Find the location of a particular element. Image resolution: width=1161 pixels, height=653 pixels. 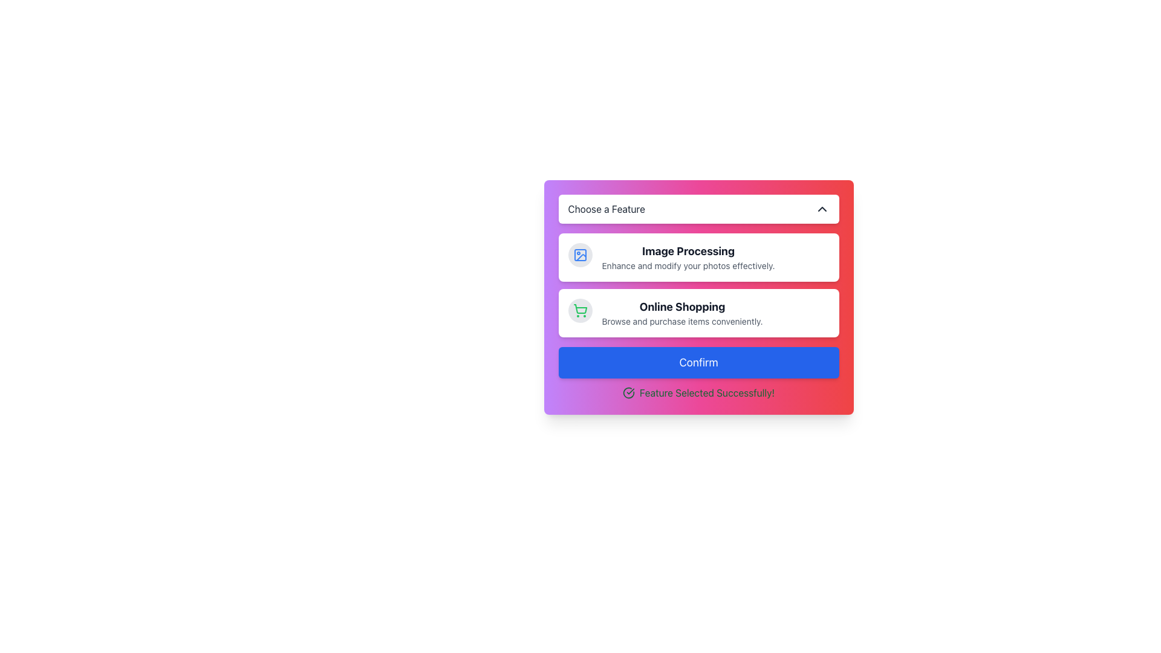

the static text element displaying 'Enhance and modify your photos effectively.' which is located below the title 'Image Processing.' is located at coordinates (688, 265).